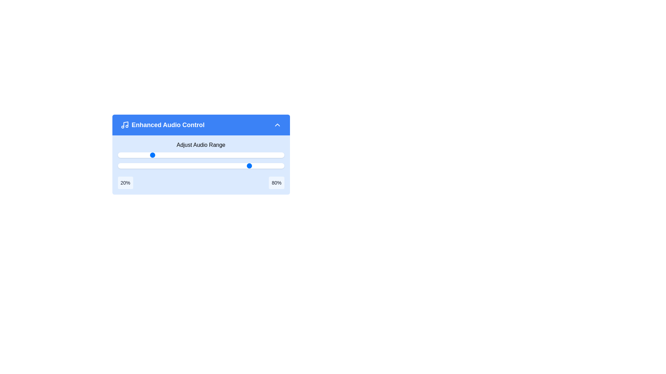  Describe the element at coordinates (162, 125) in the screenshot. I see `the Header element that serves as the title for the audio controls section, located at the top of a card-like component` at that location.